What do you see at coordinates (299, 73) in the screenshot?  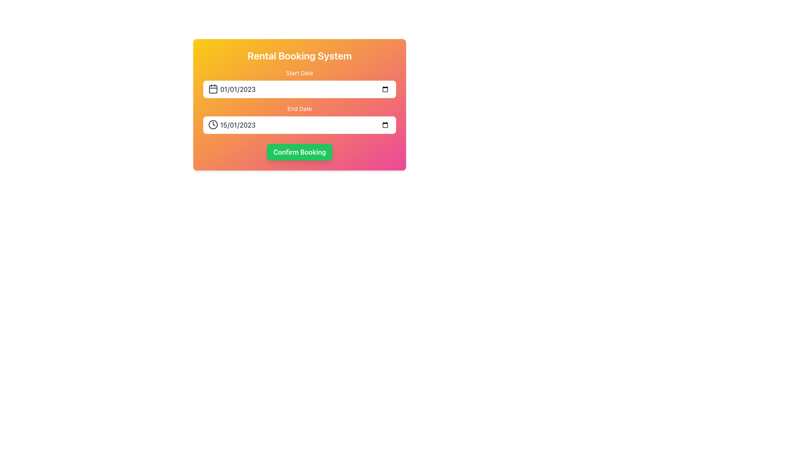 I see `the text label that indicates the purpose of the input for selecting the start date, located above the first date input field in the center of the form layout` at bounding box center [299, 73].